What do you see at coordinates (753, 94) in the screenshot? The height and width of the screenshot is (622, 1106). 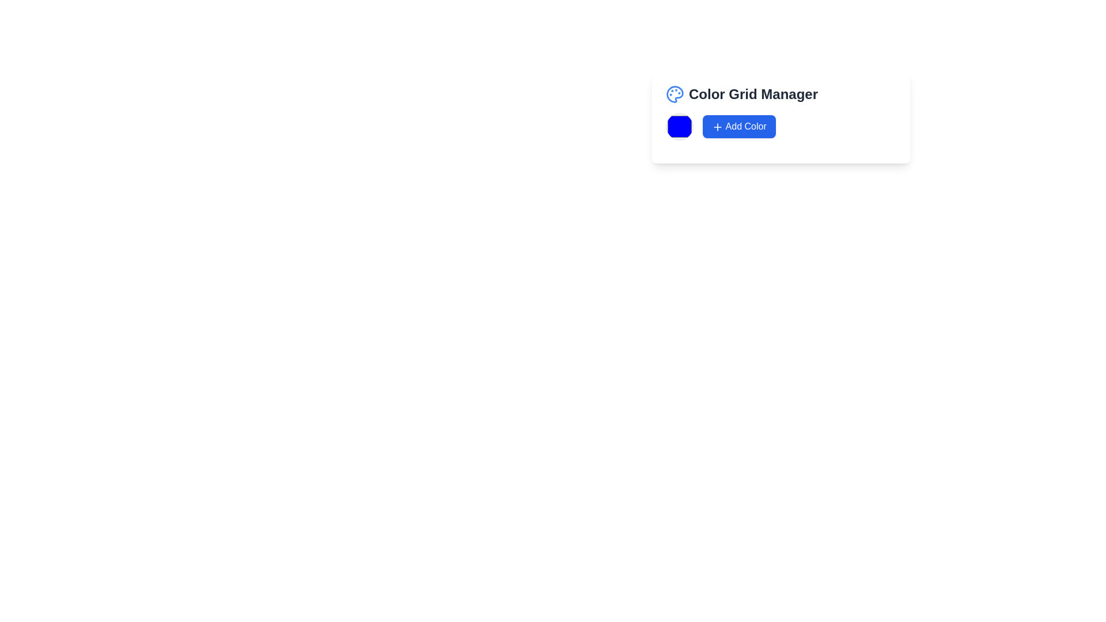 I see `the Text Label displaying 'Color Grid Manager', which is styled in bold dark gray font and positioned to the right of a palette icon in the upper section of the interface` at bounding box center [753, 94].